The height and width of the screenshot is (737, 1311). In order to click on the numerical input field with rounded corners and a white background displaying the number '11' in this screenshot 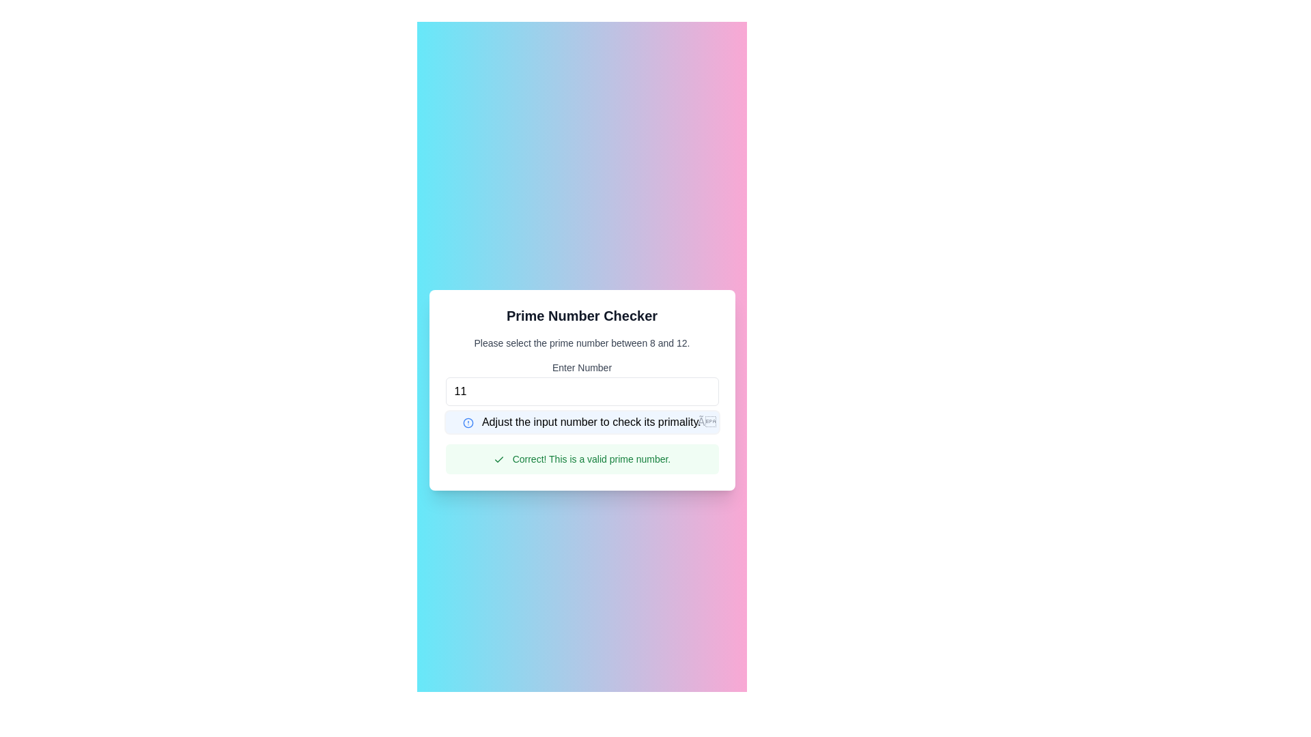, I will do `click(582, 392)`.